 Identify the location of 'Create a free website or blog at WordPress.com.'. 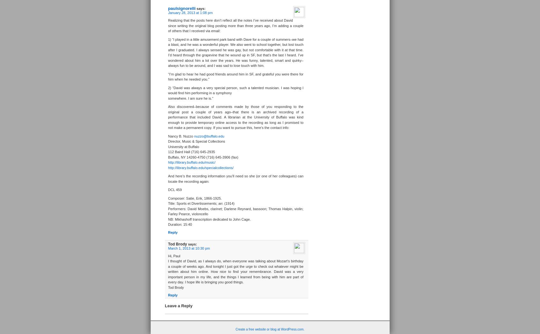
(270, 329).